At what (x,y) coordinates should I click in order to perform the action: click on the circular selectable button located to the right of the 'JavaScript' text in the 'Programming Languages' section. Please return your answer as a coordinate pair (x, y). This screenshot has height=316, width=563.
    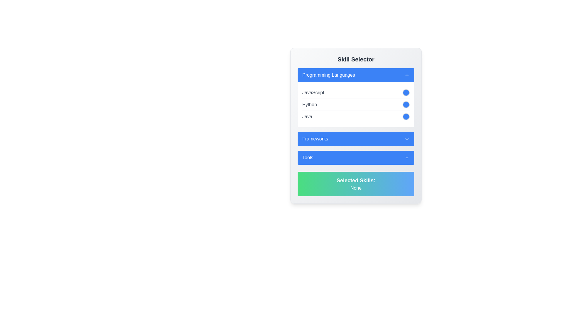
    Looking at the image, I should click on (406, 92).